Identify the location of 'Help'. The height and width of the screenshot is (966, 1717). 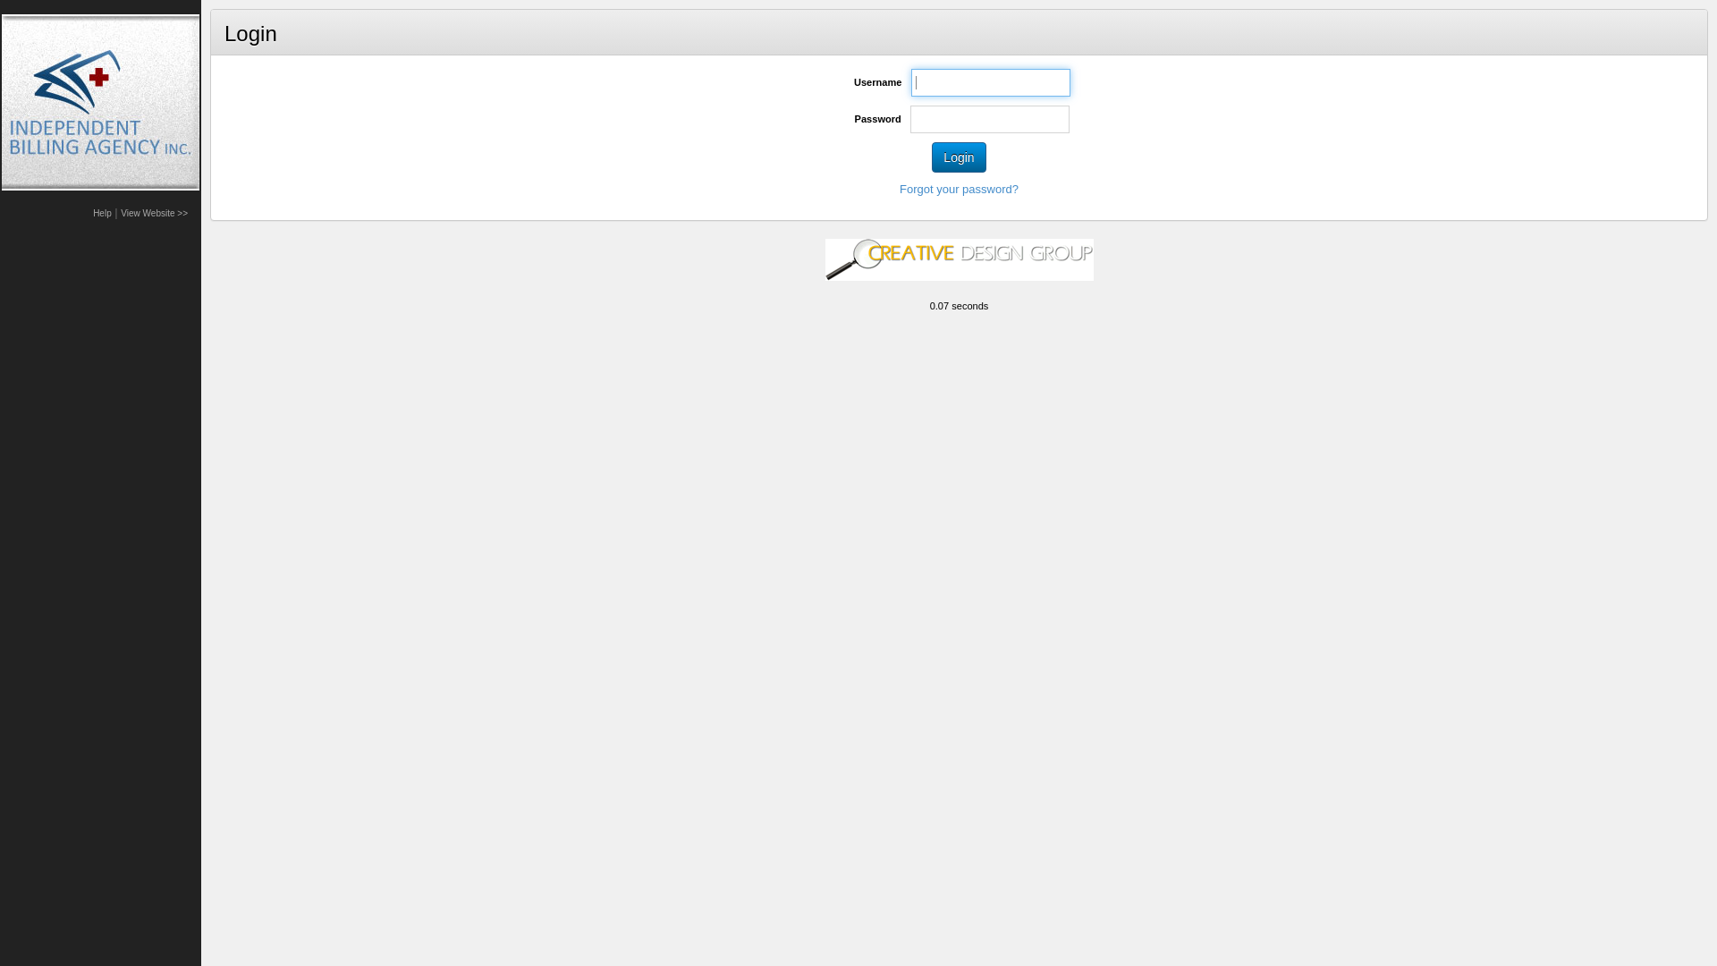
(101, 212).